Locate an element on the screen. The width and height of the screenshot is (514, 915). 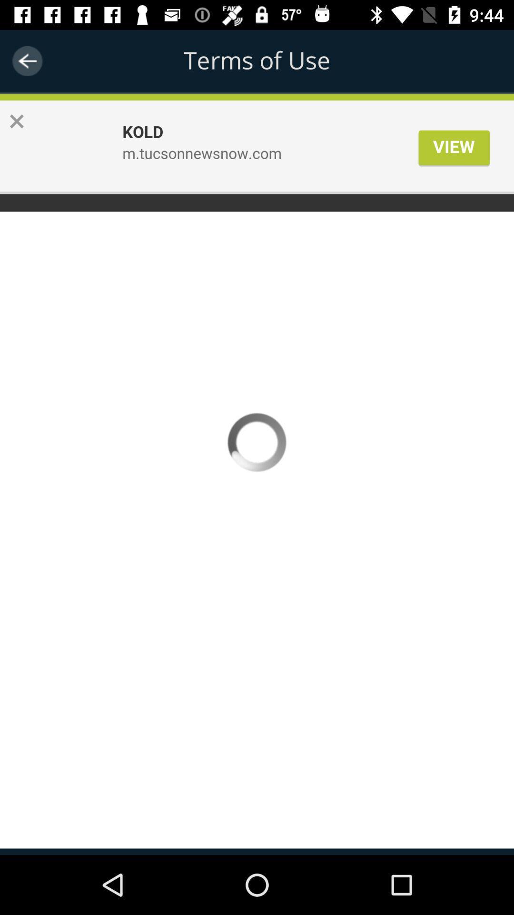
the arrow_backward icon is located at coordinates (27, 61).